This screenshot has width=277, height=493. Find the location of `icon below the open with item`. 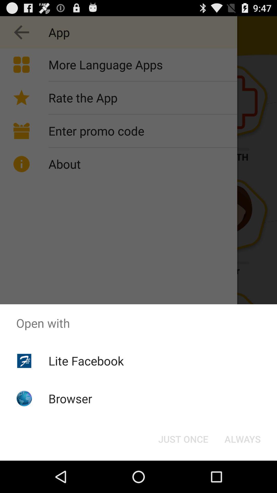

icon below the open with item is located at coordinates (86, 361).